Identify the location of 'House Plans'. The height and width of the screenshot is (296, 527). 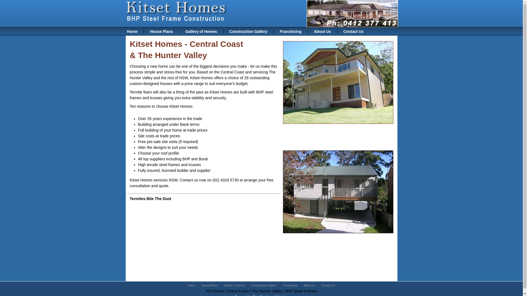
(162, 32).